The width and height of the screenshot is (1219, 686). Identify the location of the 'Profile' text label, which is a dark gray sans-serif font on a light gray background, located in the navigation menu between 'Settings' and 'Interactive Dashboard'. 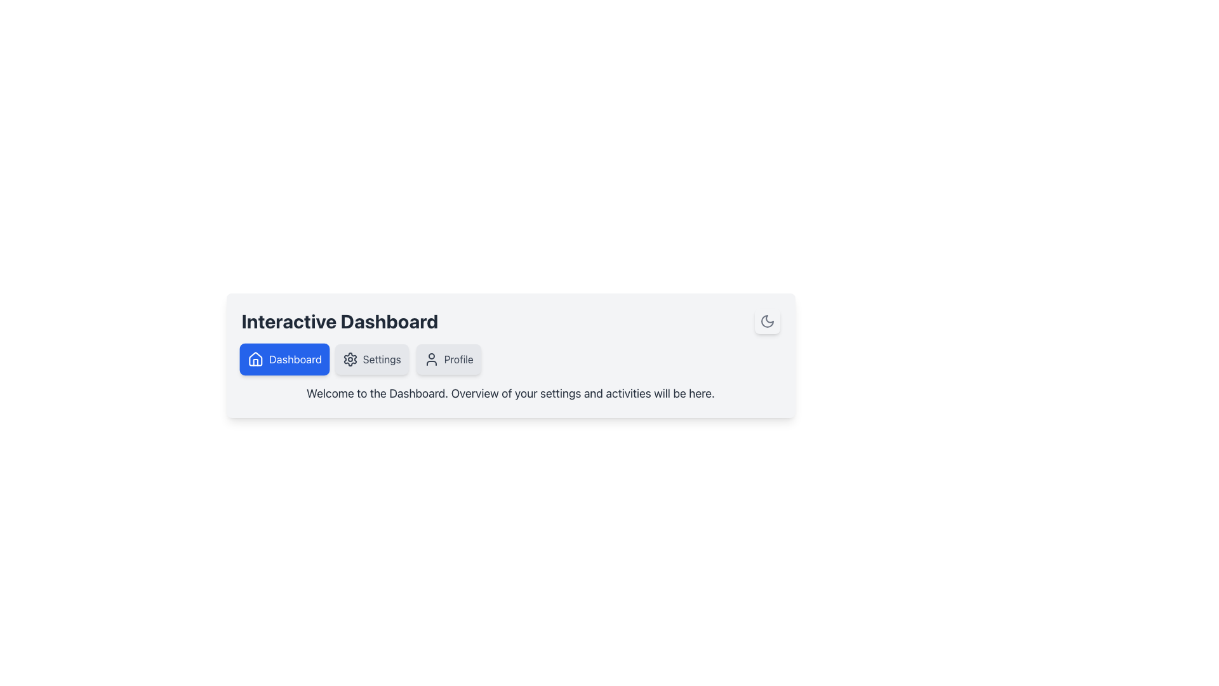
(458, 360).